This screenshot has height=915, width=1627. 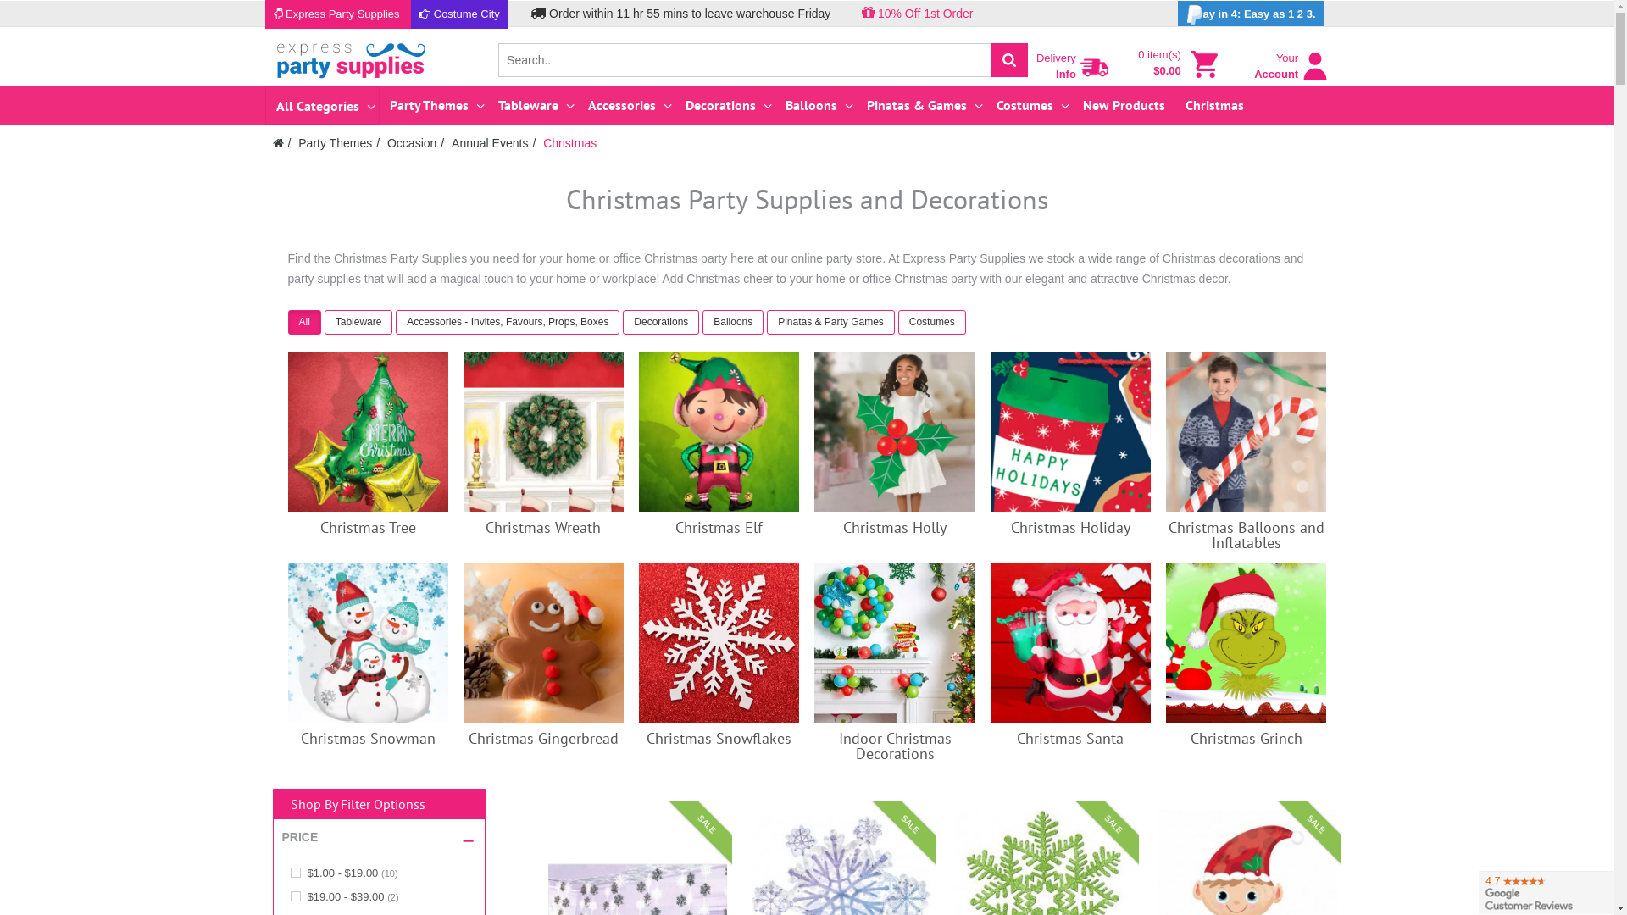 I want to click on 'Christmas Holiday', so click(x=1069, y=526).